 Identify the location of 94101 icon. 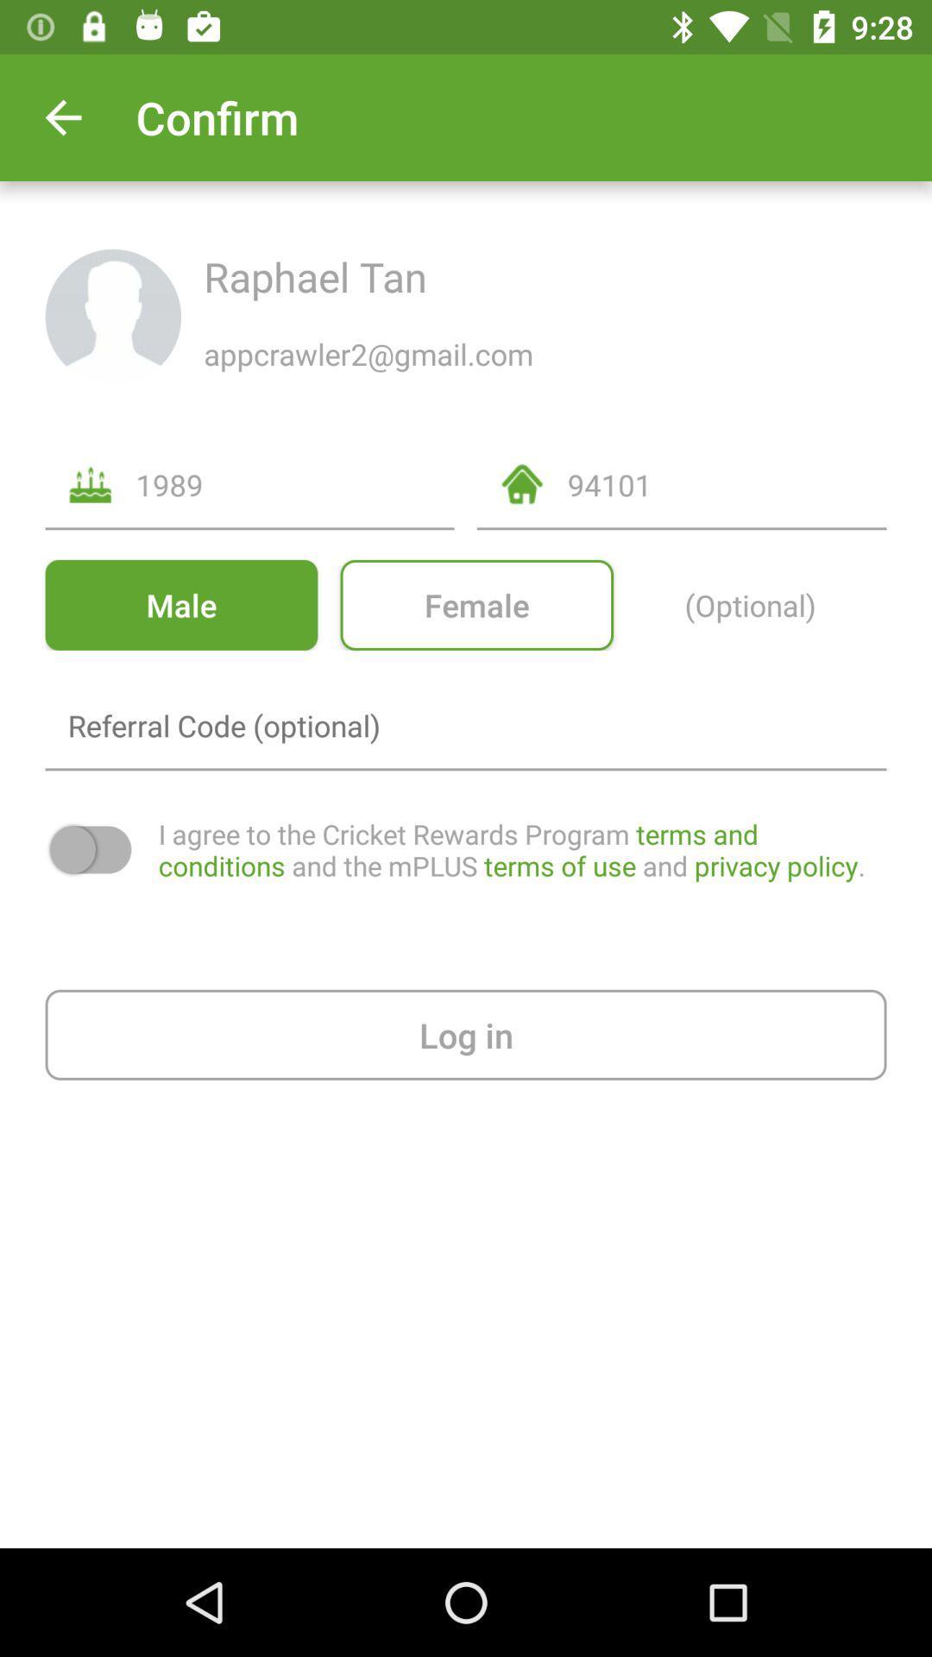
(727, 483).